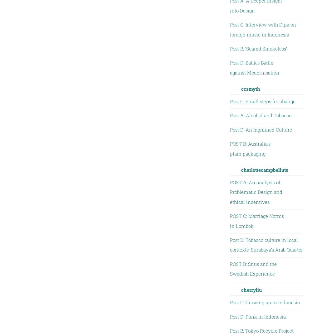  I want to click on 'Post D: Batik’s Battle against Modernisation', so click(254, 67).